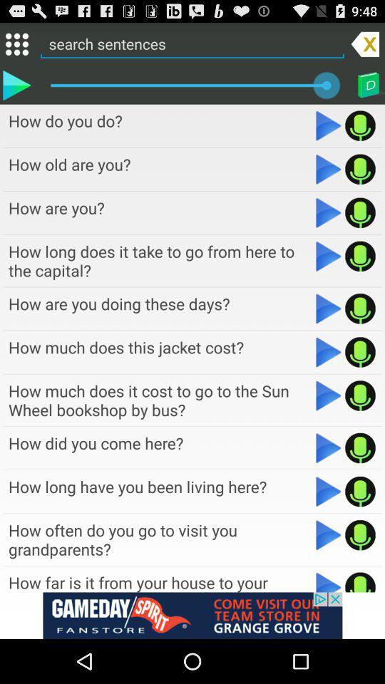 The height and width of the screenshot is (684, 385). I want to click on play, so click(329, 534).